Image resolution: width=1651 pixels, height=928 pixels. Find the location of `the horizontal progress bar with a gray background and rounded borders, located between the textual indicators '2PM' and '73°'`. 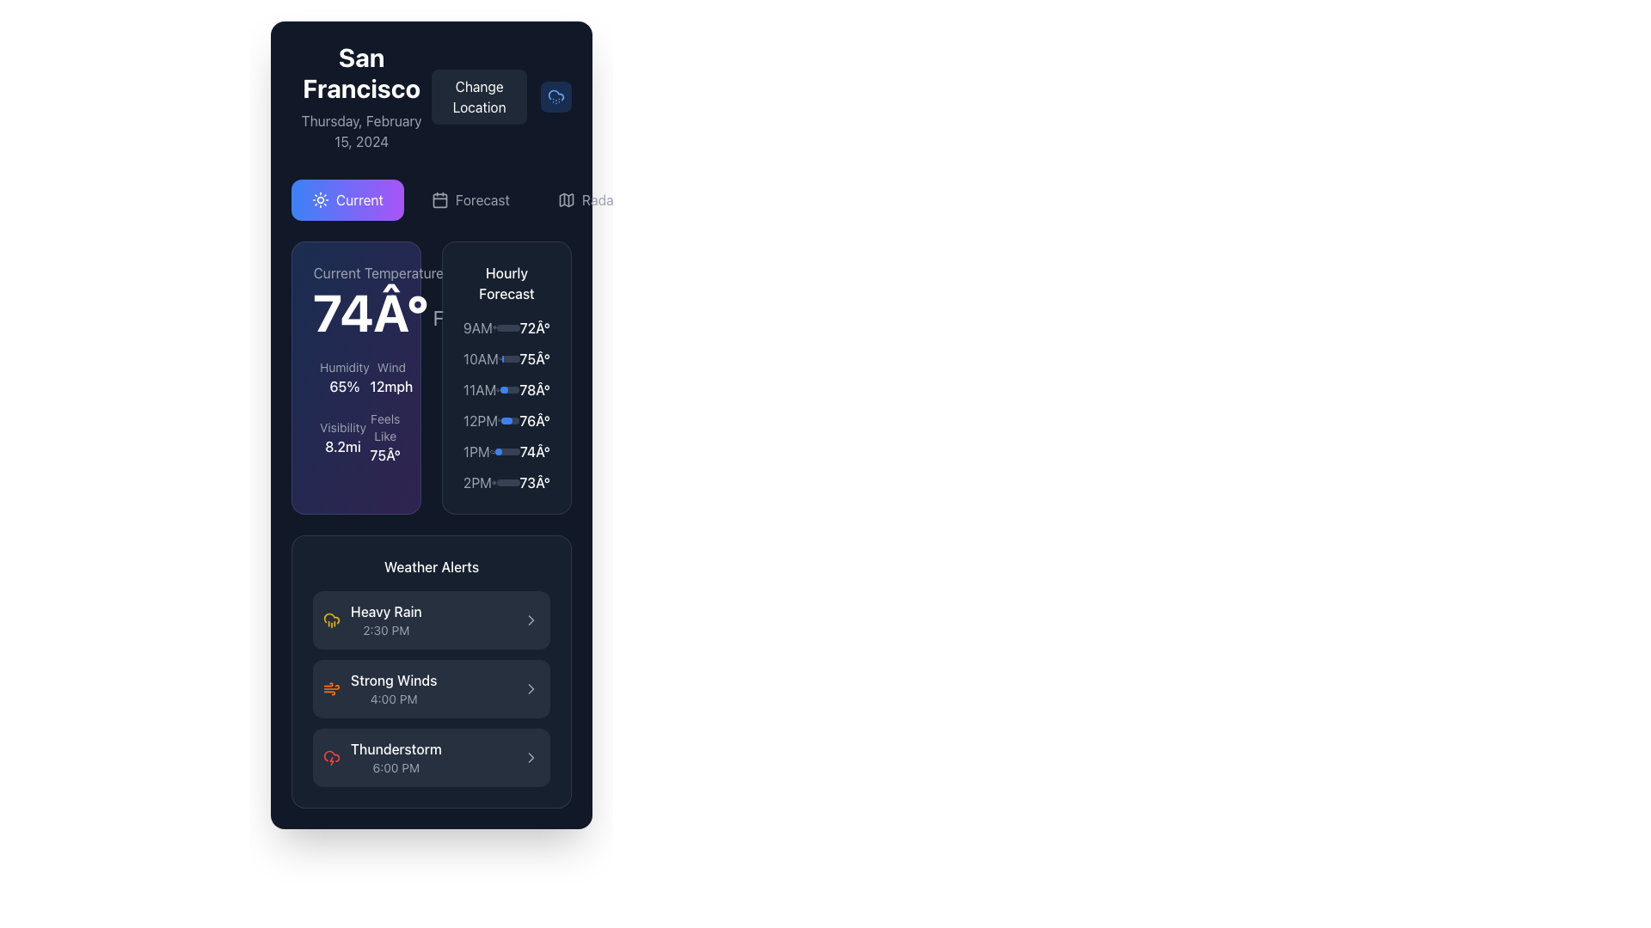

the horizontal progress bar with a gray background and rounded borders, located between the textual indicators '2PM' and '73°' is located at coordinates (506, 483).